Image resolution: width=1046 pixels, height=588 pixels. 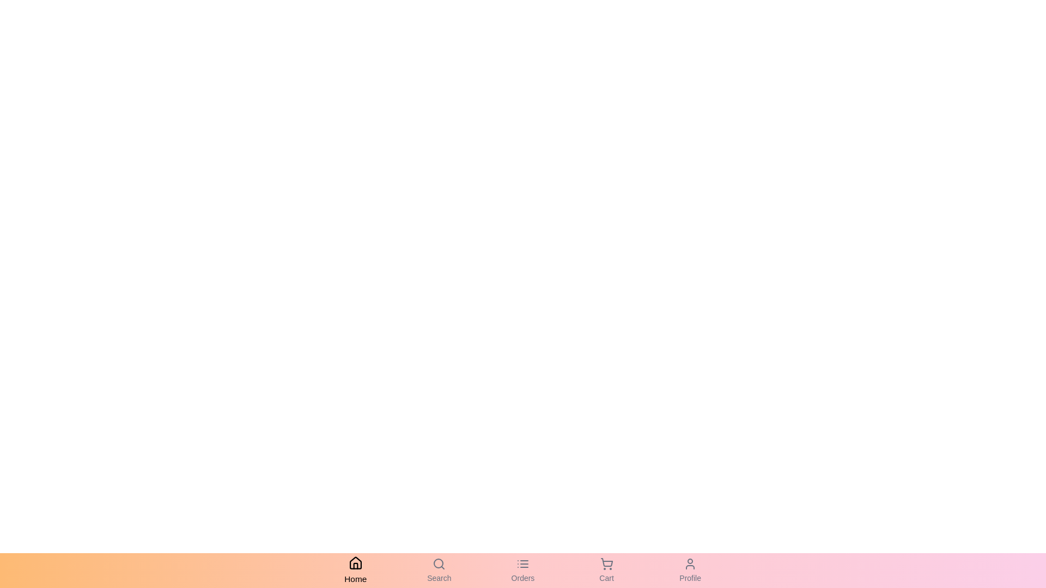 What do you see at coordinates (690, 570) in the screenshot?
I see `the Profile navigation tab` at bounding box center [690, 570].